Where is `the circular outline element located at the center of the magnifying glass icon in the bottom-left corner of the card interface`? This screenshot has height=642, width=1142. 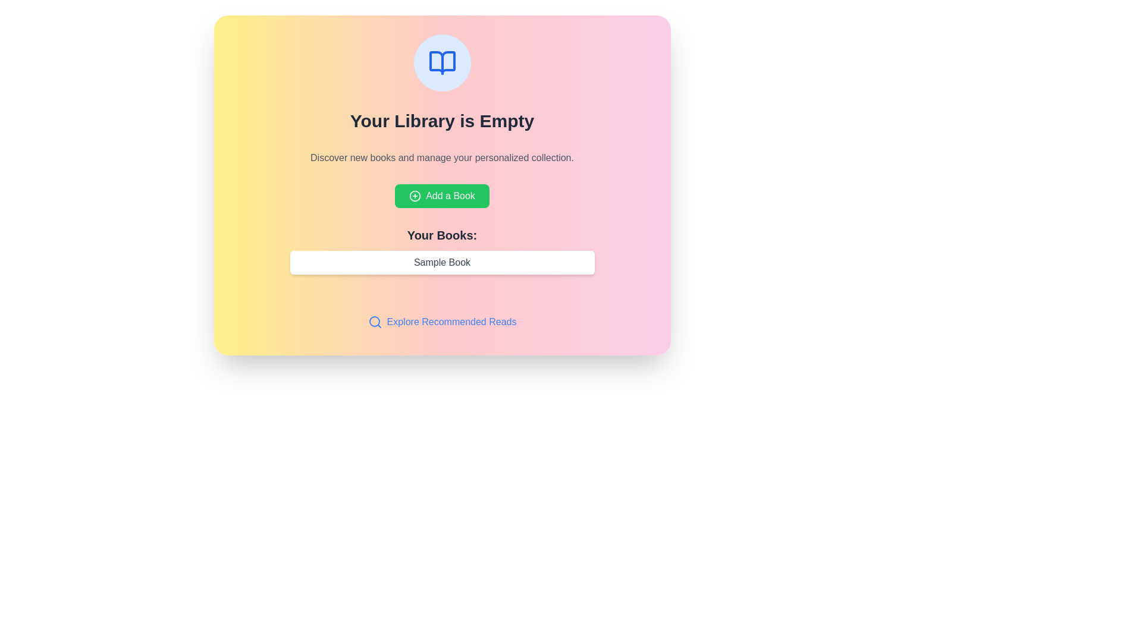
the circular outline element located at the center of the magnifying glass icon in the bottom-left corner of the card interface is located at coordinates (374, 321).